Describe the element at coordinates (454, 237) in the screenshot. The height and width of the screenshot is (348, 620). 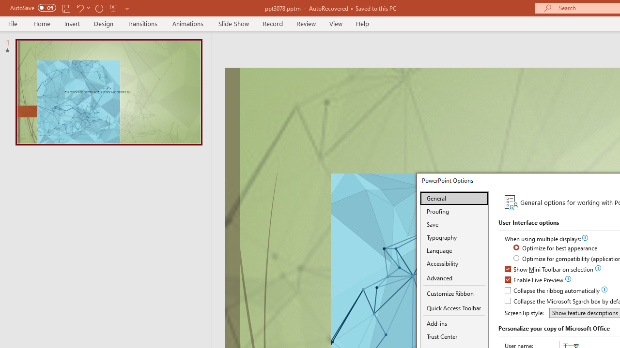
I see `'Typography'` at that location.